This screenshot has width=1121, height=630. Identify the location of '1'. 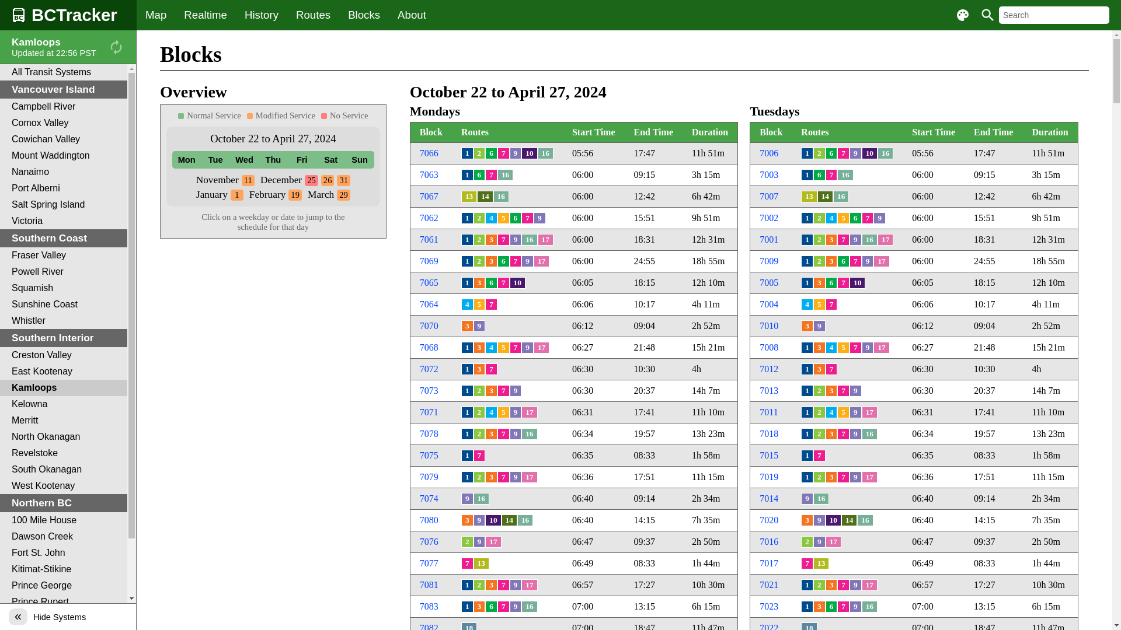
(800, 260).